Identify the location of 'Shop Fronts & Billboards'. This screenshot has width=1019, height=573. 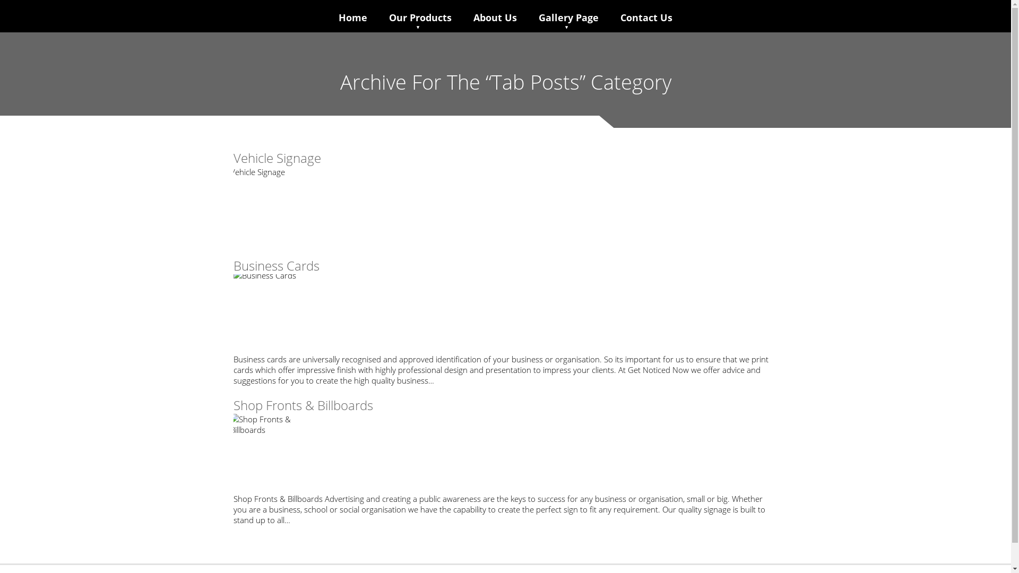
(303, 405).